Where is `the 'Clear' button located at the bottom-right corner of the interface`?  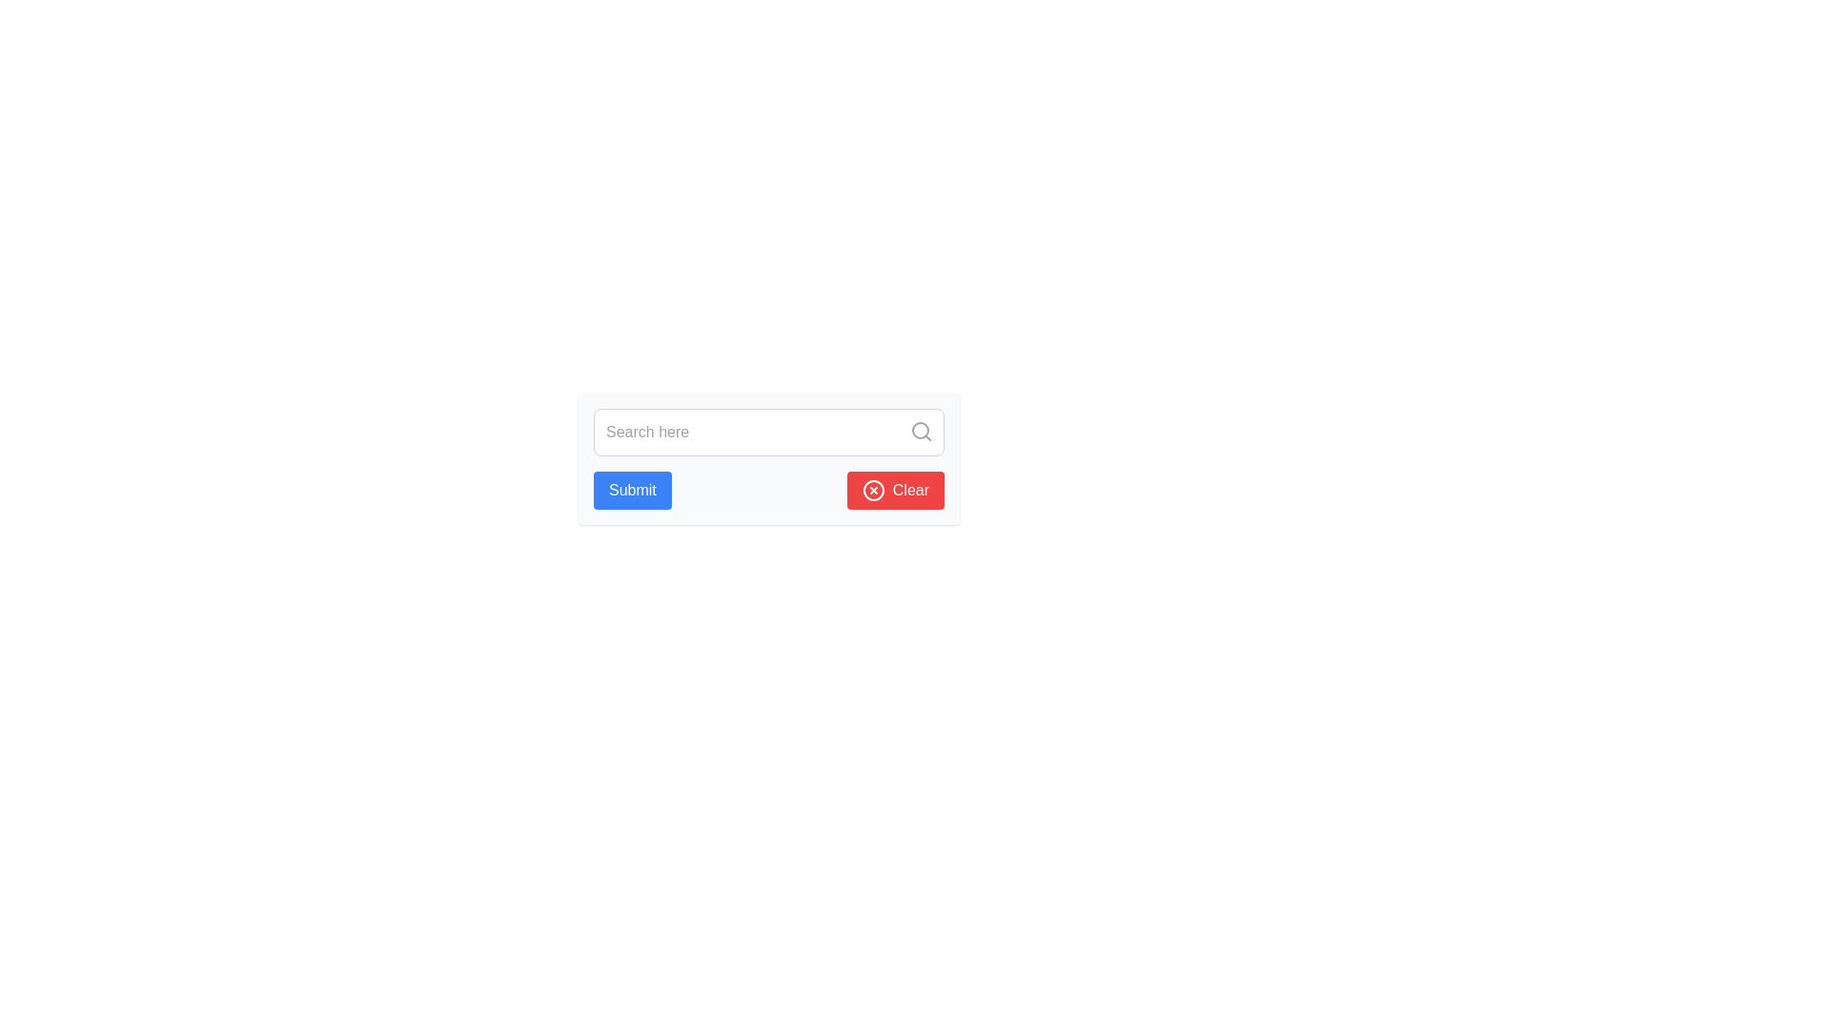
the 'Clear' button located at the bottom-right corner of the interface is located at coordinates (894, 490).